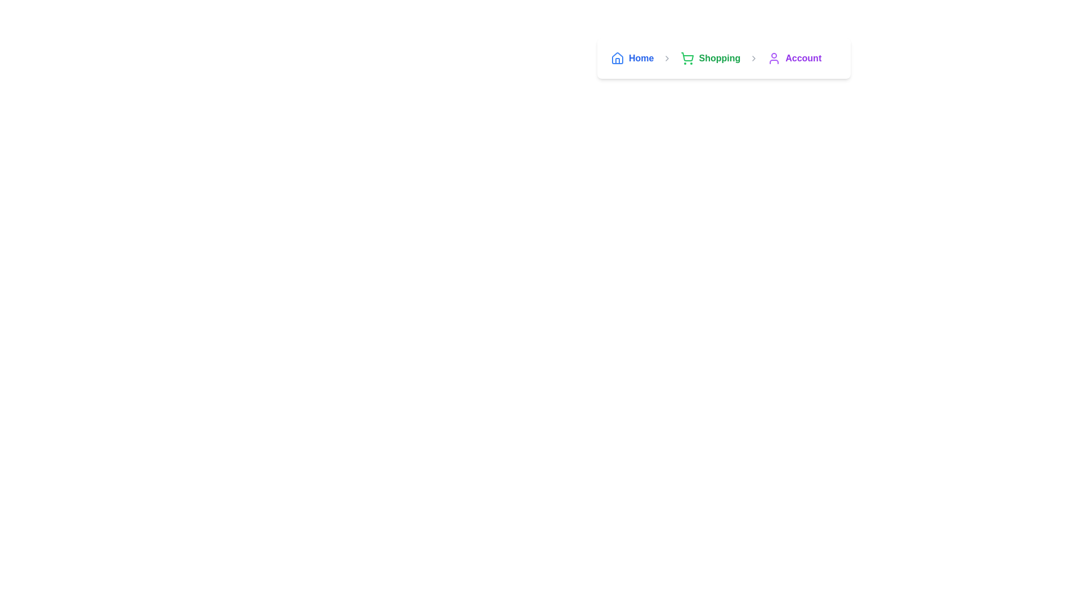 The image size is (1081, 608). What do you see at coordinates (632, 59) in the screenshot?
I see `the interactive clickable link in the upper-left region of the navigation menu for tooltip or highlighting effects` at bounding box center [632, 59].